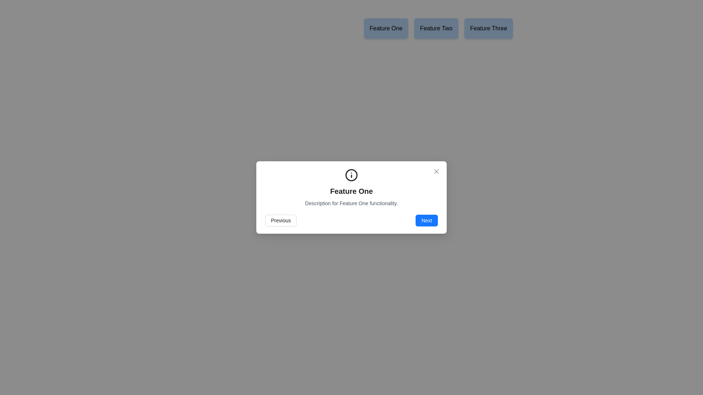 The height and width of the screenshot is (395, 703). What do you see at coordinates (386, 28) in the screenshot?
I see `the blue rectangular button labeled 'Feature One' located at the top-central area of the interface` at bounding box center [386, 28].